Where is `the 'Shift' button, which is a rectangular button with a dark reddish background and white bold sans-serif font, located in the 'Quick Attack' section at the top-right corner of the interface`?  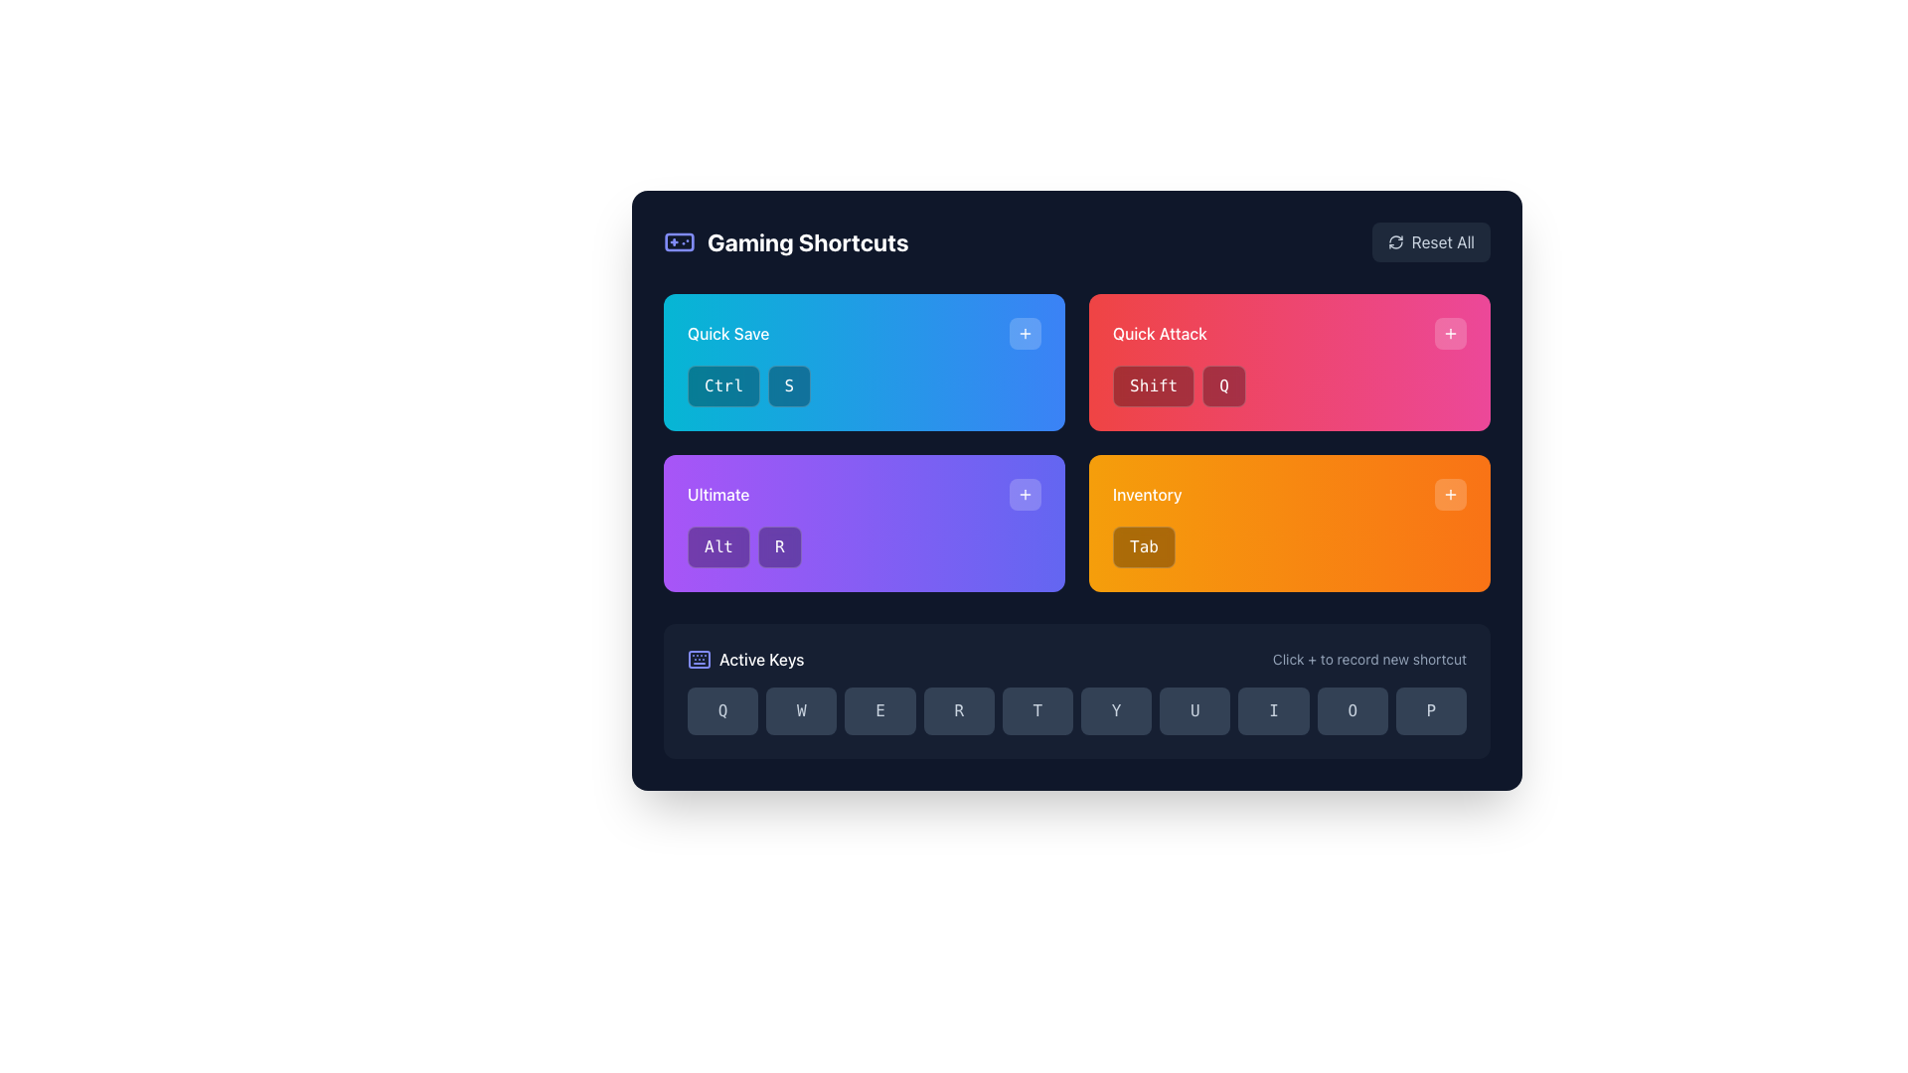
the 'Shift' button, which is a rectangular button with a dark reddish background and white bold sans-serif font, located in the 'Quick Attack' section at the top-right corner of the interface is located at coordinates (1154, 386).